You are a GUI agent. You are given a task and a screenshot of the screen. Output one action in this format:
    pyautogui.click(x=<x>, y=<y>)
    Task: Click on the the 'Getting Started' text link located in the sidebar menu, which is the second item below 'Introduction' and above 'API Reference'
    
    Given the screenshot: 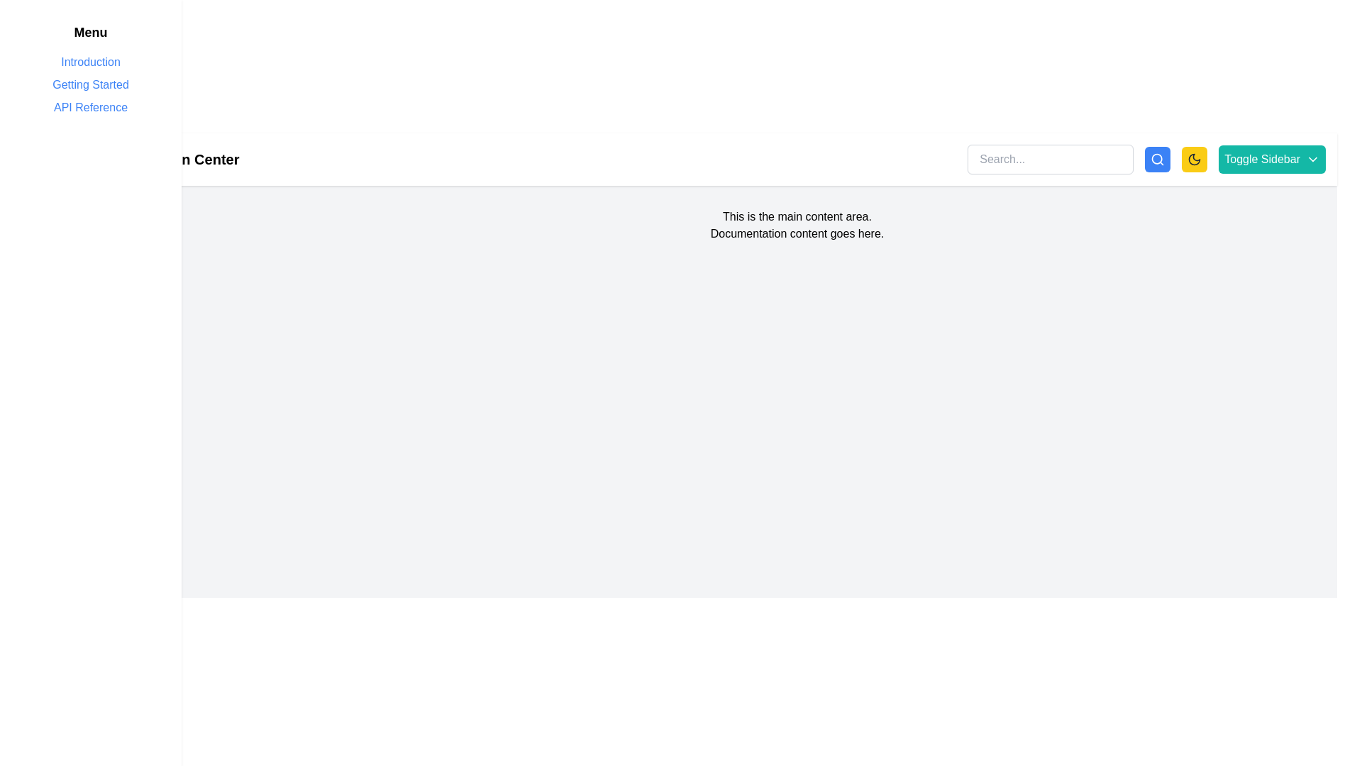 What is the action you would take?
    pyautogui.click(x=90, y=84)
    